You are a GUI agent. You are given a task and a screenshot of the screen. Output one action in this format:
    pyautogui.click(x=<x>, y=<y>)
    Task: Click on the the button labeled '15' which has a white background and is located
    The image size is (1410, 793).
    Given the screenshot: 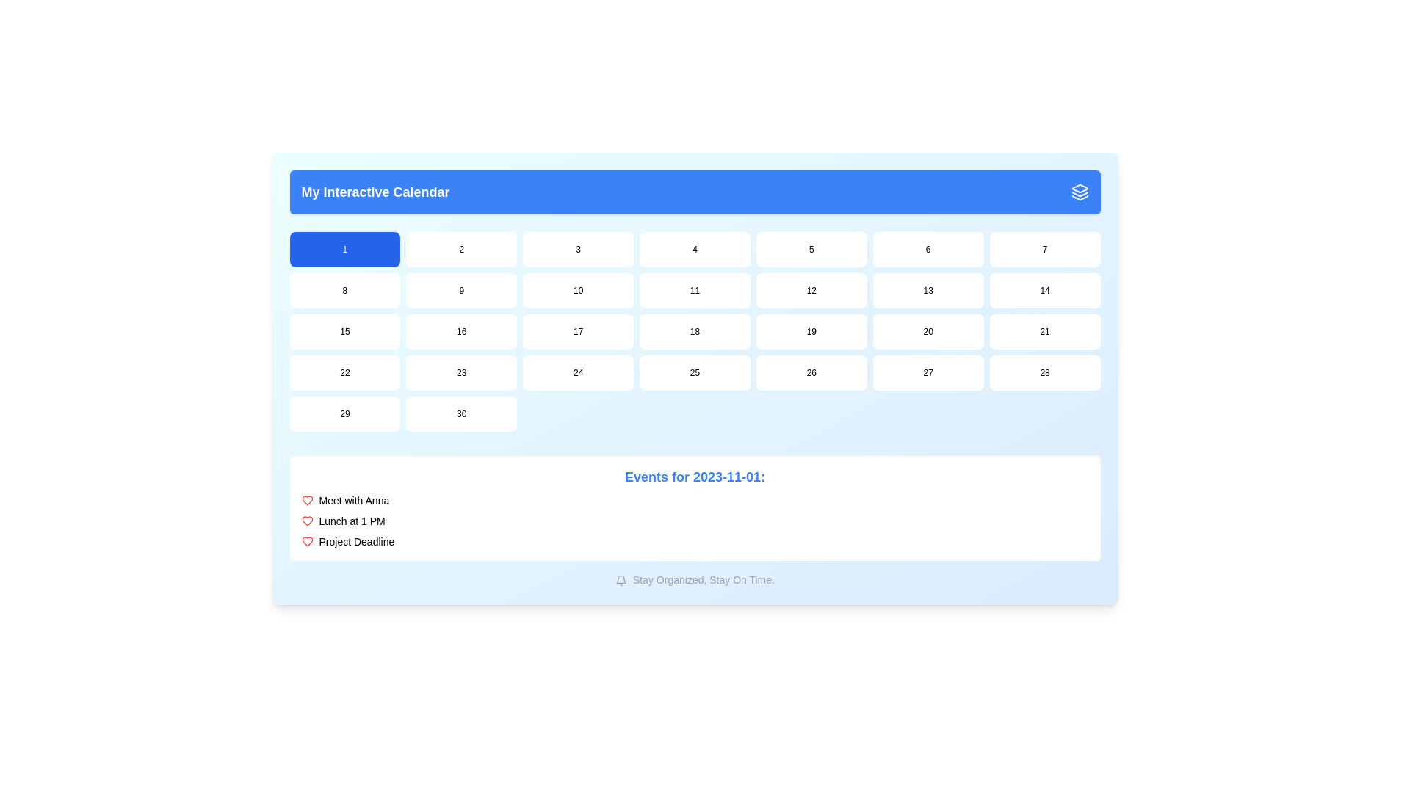 What is the action you would take?
    pyautogui.click(x=344, y=331)
    